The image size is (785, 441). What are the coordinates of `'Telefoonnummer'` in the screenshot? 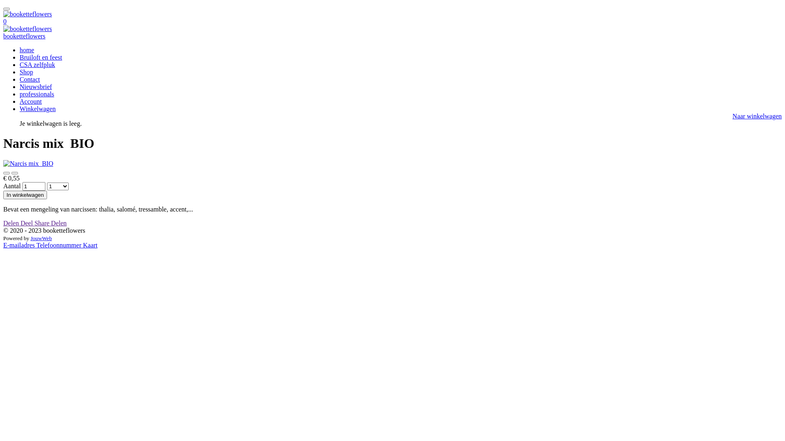 It's located at (59, 245).